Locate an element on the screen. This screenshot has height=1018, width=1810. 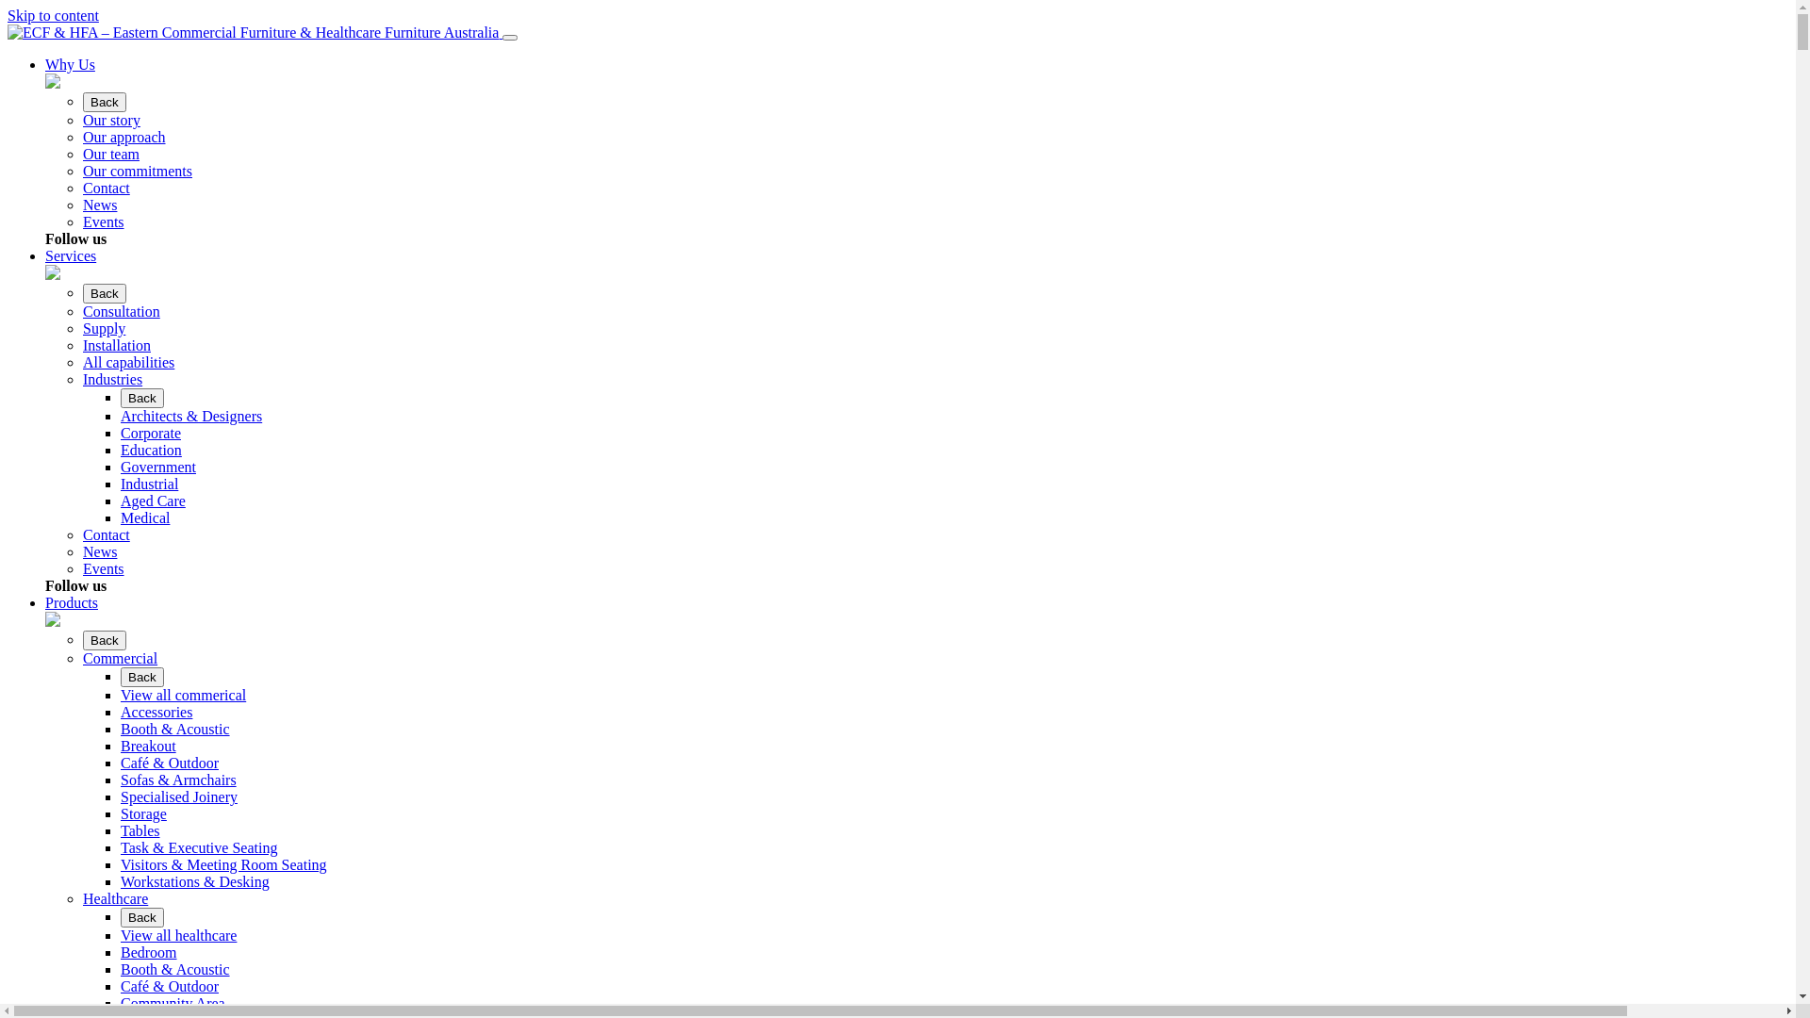
'Booth & Acoustic' is located at coordinates (120, 969).